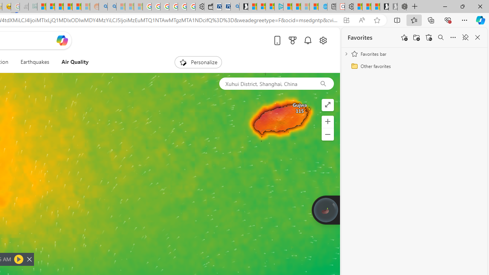 Image resolution: width=489 pixels, height=275 pixels. I want to click on 'Xuhui District, Shanghai, China', so click(266, 83).